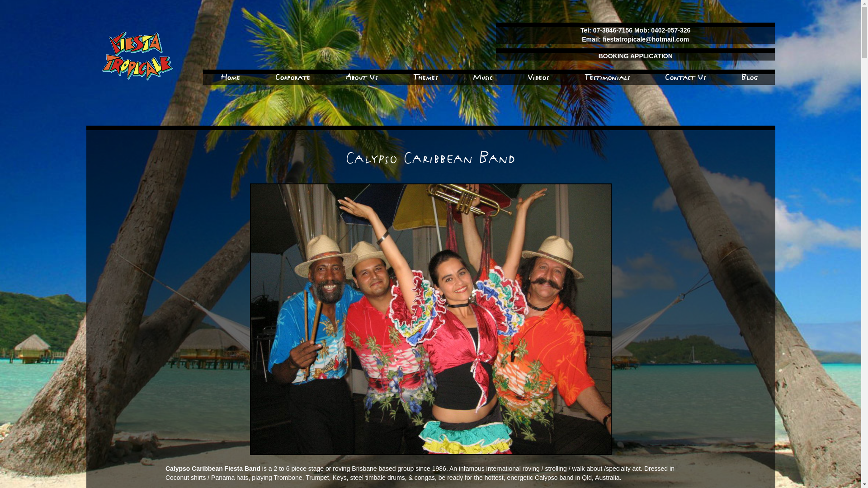 This screenshot has height=488, width=868. Describe the element at coordinates (482, 76) in the screenshot. I see `'Music'` at that location.